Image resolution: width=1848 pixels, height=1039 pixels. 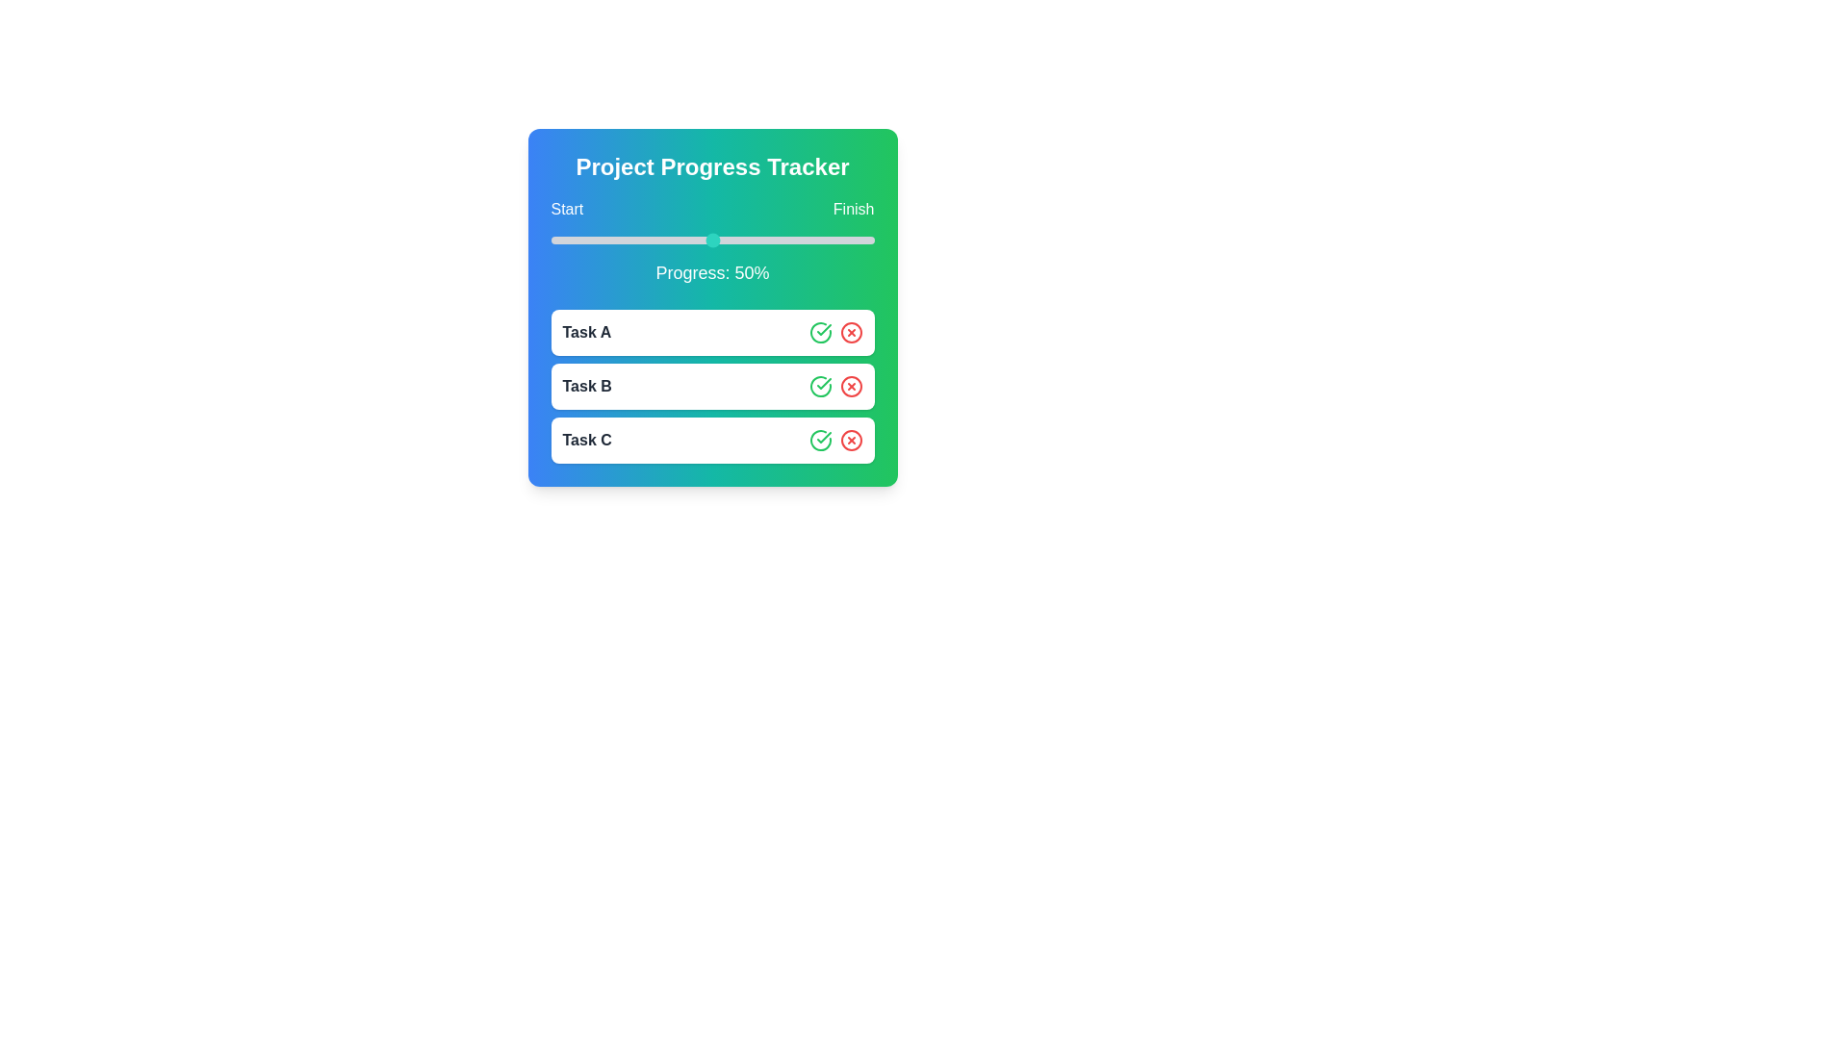 I want to click on cross button next to Task B to cancel it, so click(x=850, y=386).